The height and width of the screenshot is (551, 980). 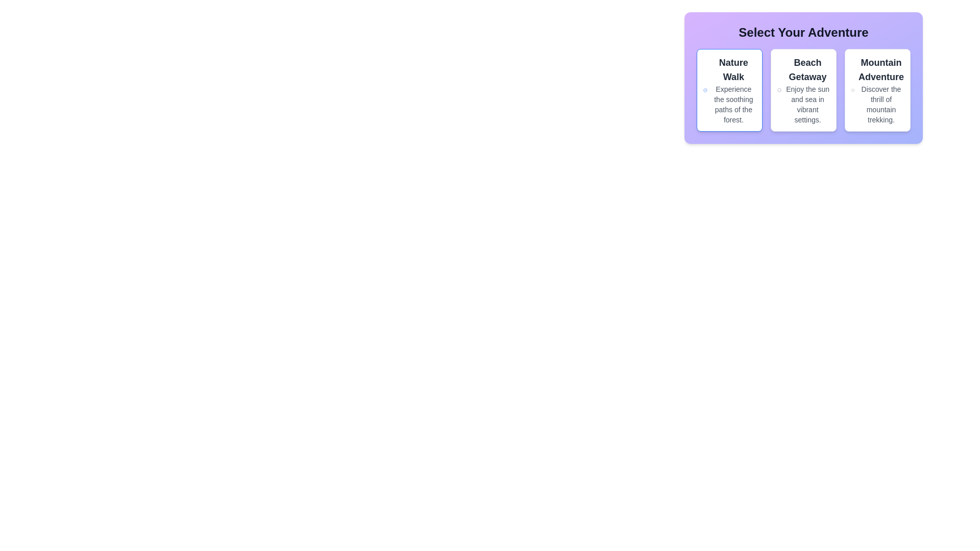 I want to click on the visual confirmation icon indicating a successful action related to the 'Nature Walk' option located in the top-left section of the 'Nature Walk' card, so click(x=704, y=90).